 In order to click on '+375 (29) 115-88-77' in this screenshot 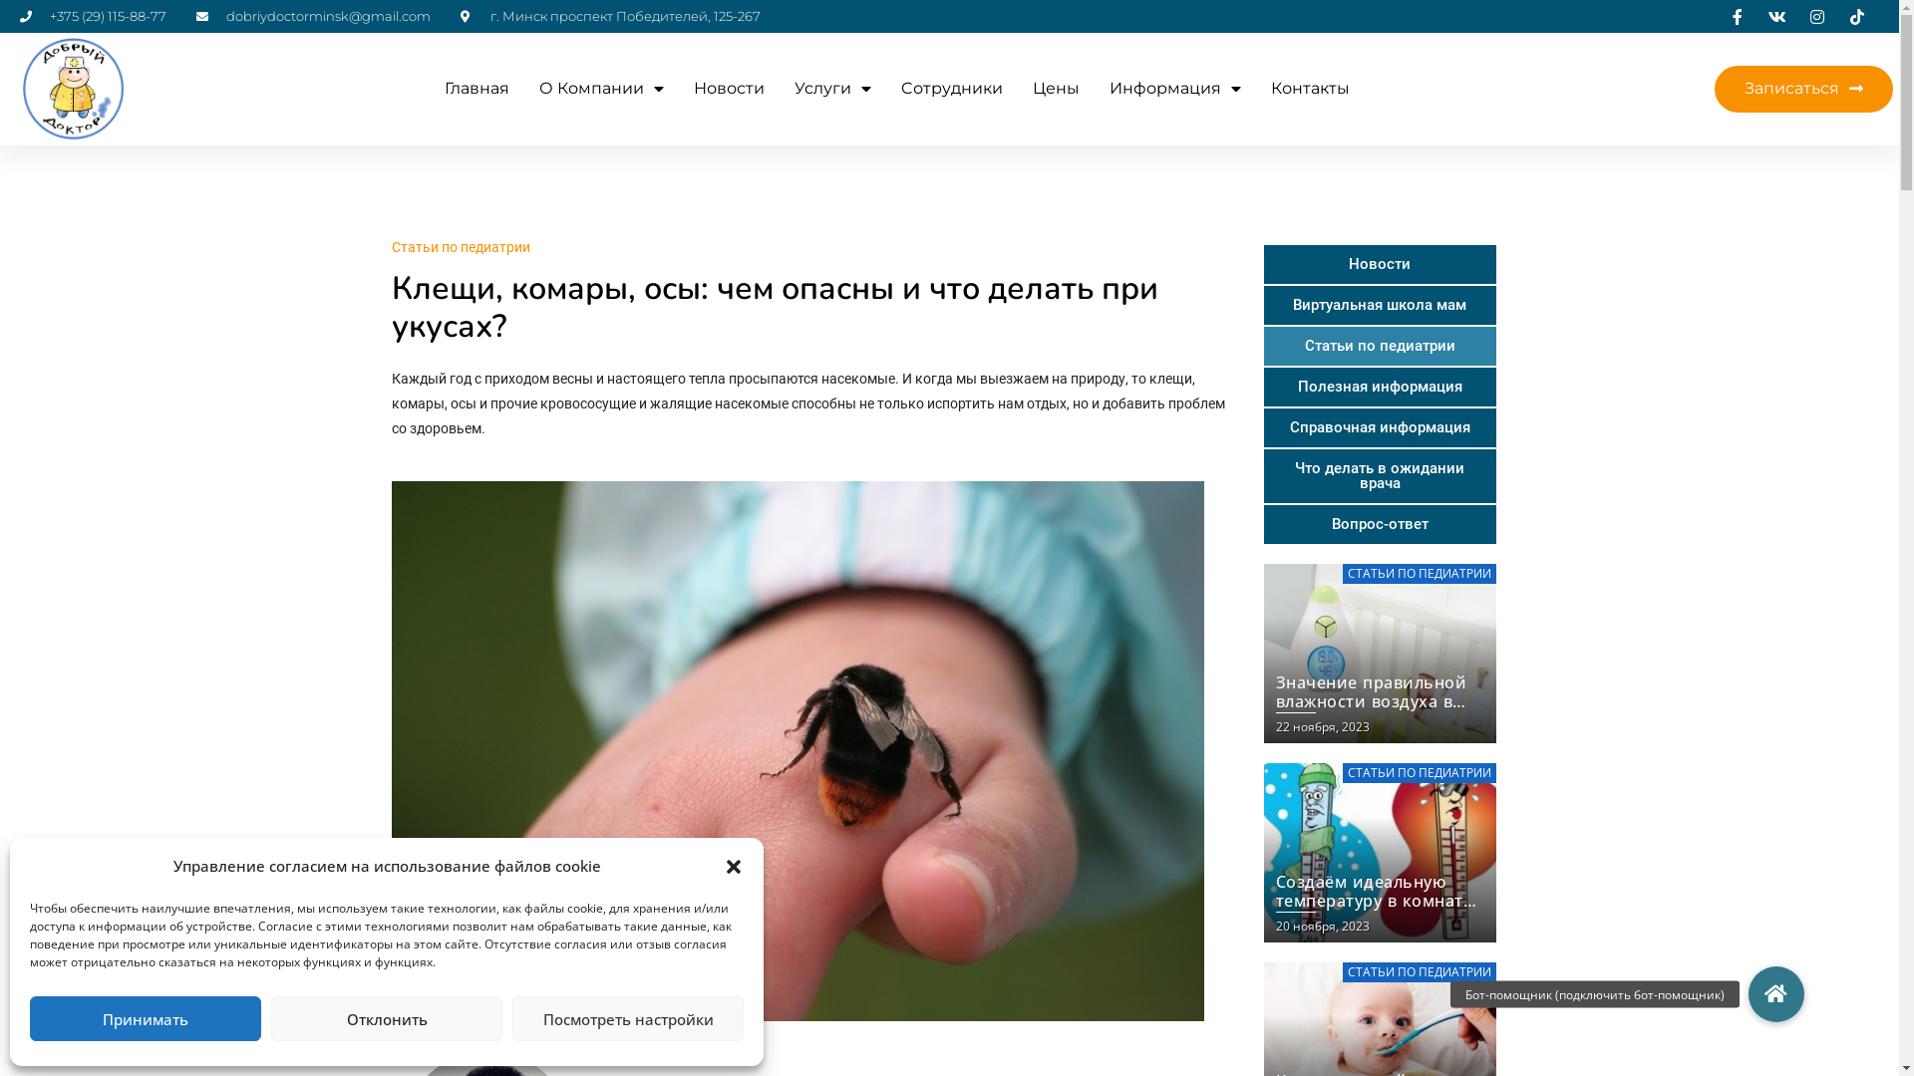, I will do `click(19, 16)`.